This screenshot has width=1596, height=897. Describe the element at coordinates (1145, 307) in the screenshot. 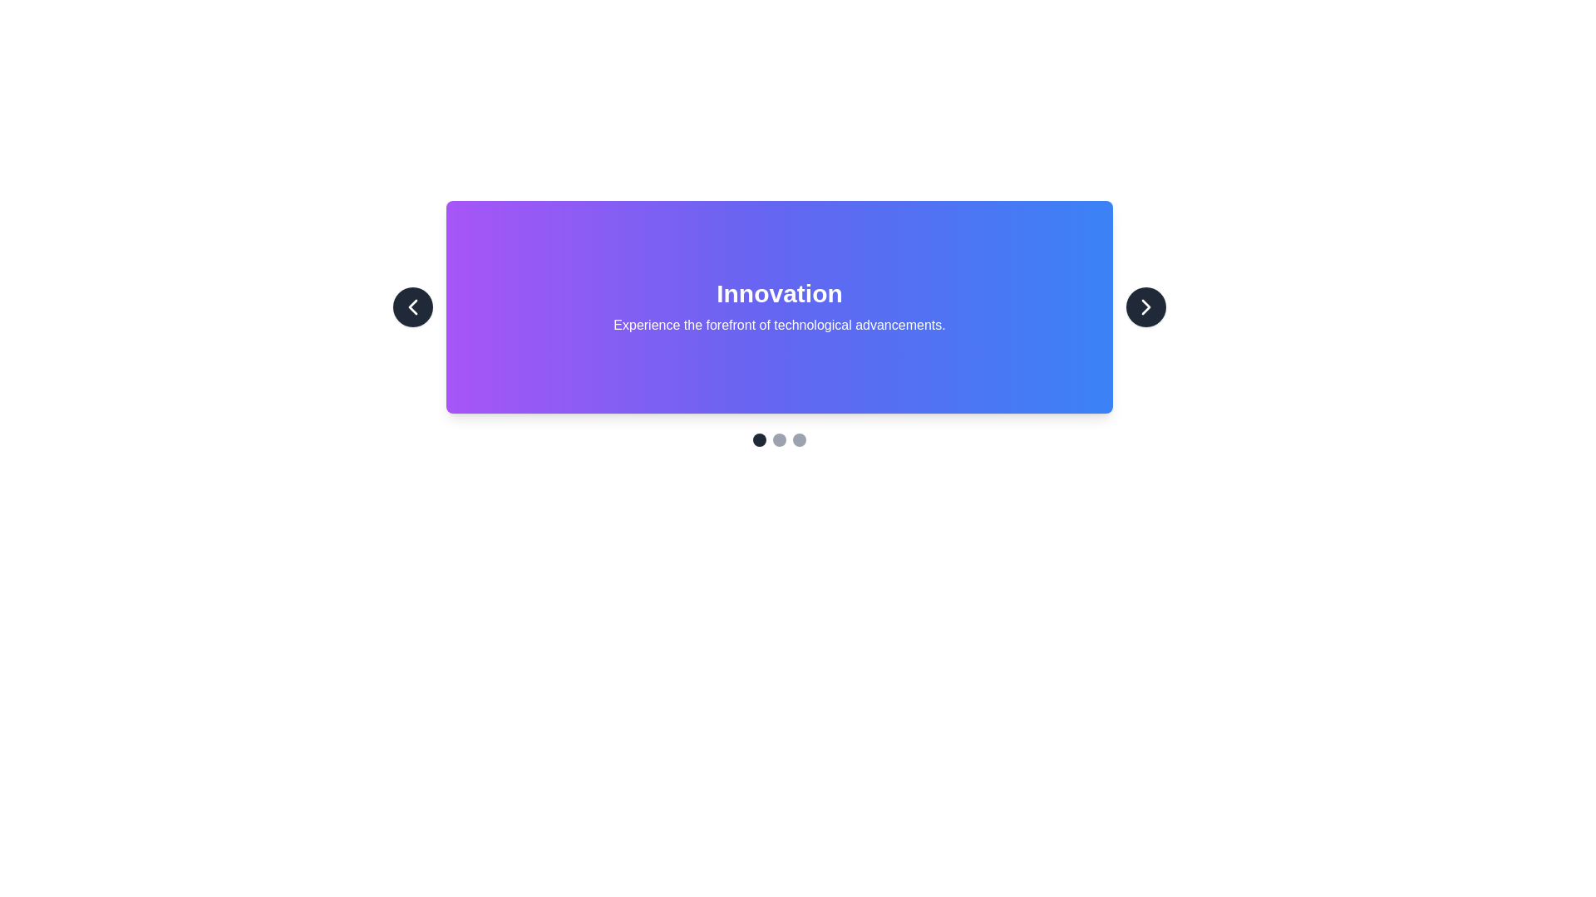

I see `the right navigation button icon for the carousel` at that location.